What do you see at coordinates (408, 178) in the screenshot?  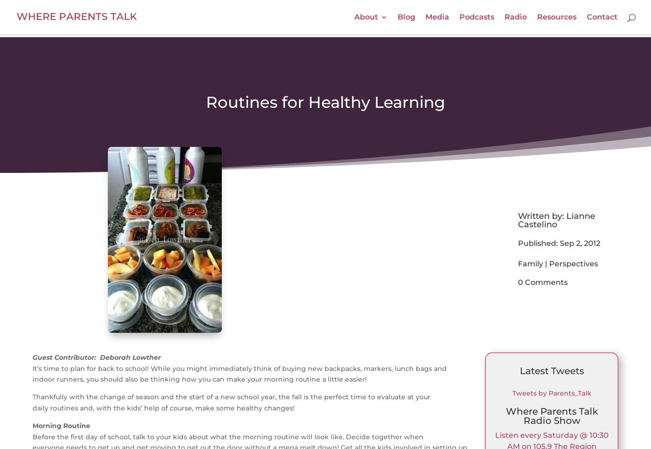 I see `'Request our Rates'` at bounding box center [408, 178].